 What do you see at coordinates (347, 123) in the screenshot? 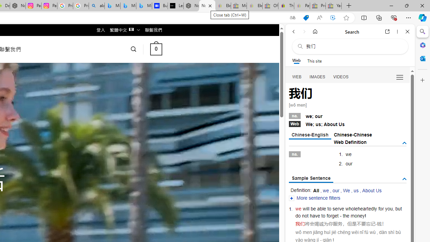
I see `'WebWe; us; About Us'` at bounding box center [347, 123].